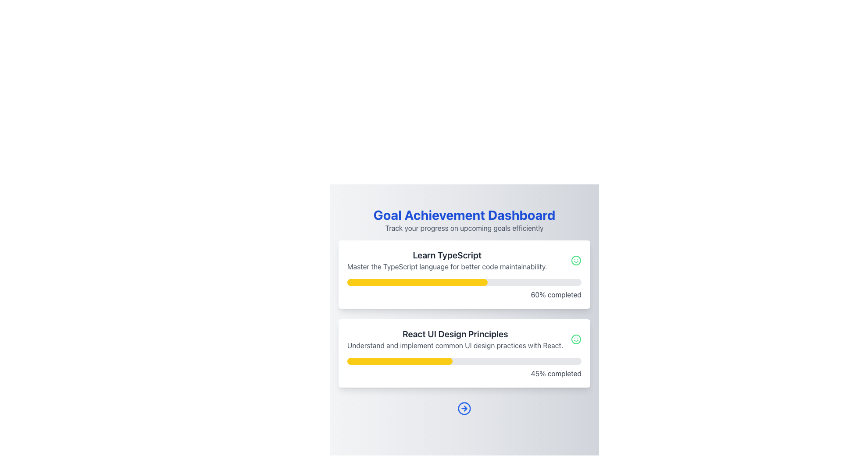 Image resolution: width=842 pixels, height=473 pixels. Describe the element at coordinates (455, 345) in the screenshot. I see `text description that appears below the heading 'React UI Design Principles' in the Goal Achievement Dashboard` at that location.